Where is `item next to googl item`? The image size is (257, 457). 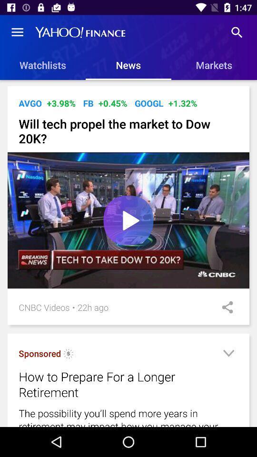
item next to googl item is located at coordinates (113, 103).